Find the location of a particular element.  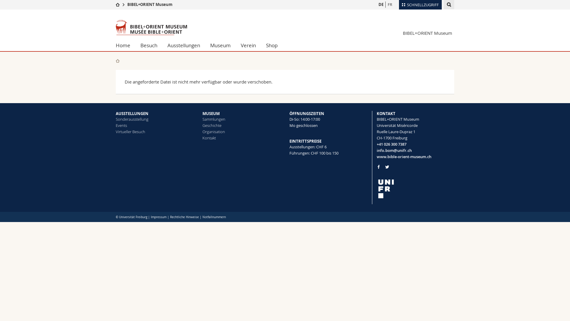

'www.bible-orient-museum.ch' is located at coordinates (415, 156).